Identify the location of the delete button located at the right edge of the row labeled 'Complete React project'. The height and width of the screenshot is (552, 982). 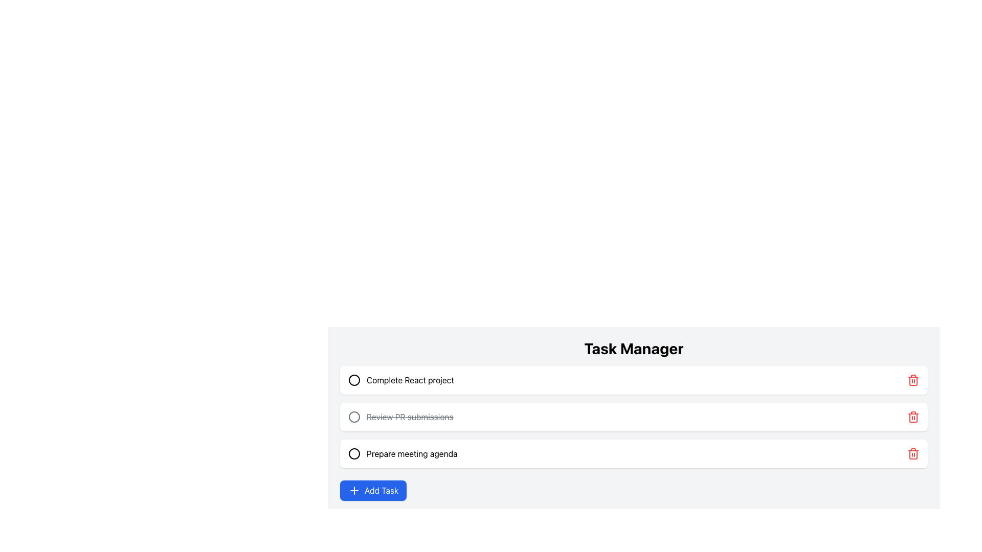
(913, 380).